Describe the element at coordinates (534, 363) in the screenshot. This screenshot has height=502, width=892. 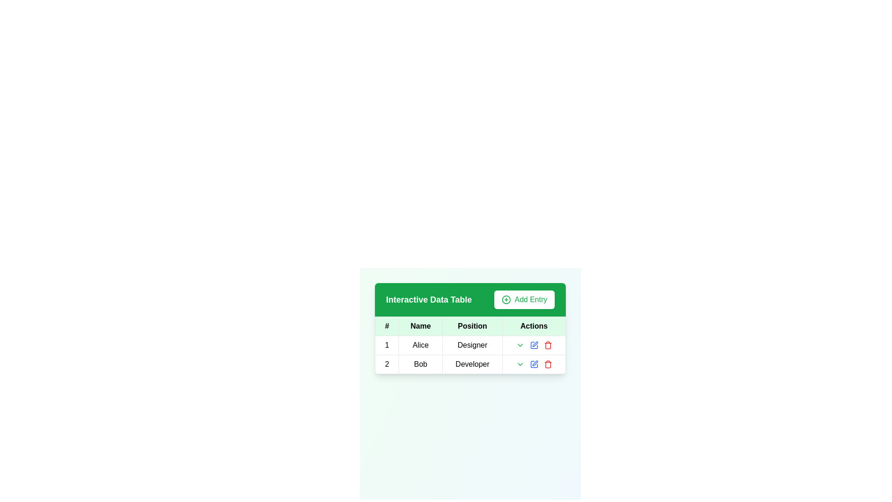
I see `the pen icon button in the 'Actions' column of the second row associated with 'Bob' and 'Developer' to observe styling changes` at that location.